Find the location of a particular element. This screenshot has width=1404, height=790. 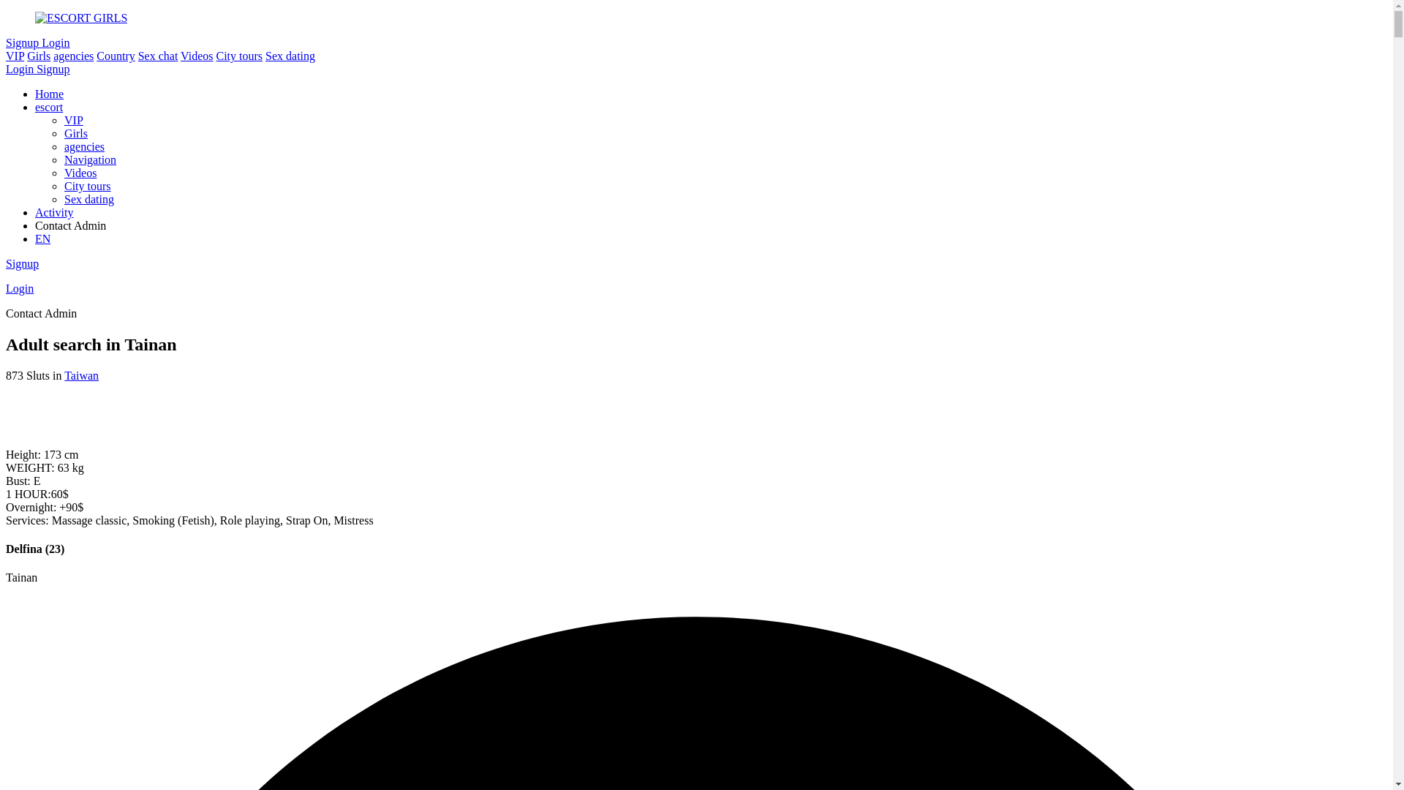

'City tours' is located at coordinates (238, 55).